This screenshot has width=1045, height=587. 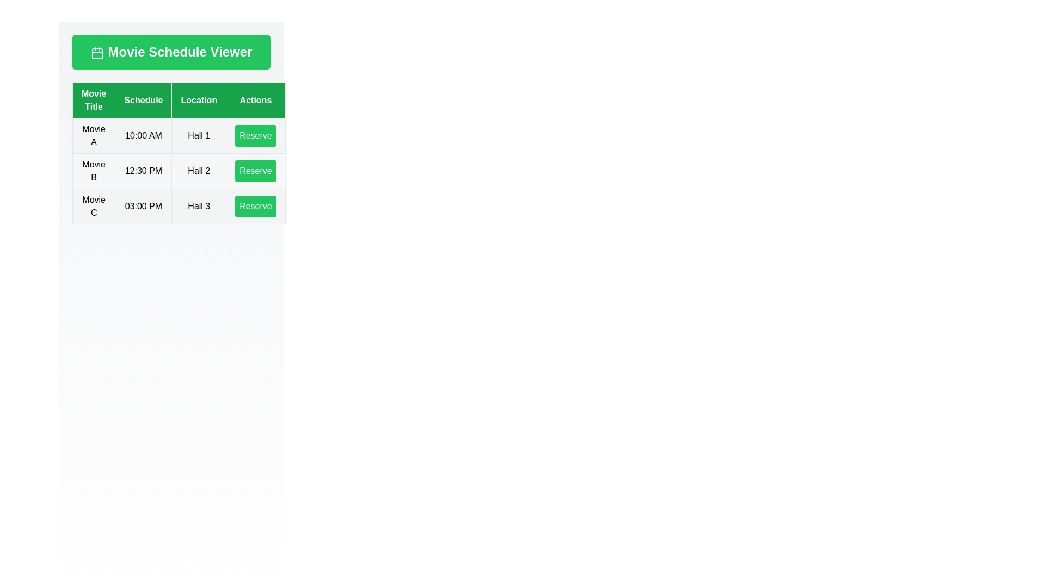 I want to click on the row corresponding to Movie B, so click(x=179, y=171).